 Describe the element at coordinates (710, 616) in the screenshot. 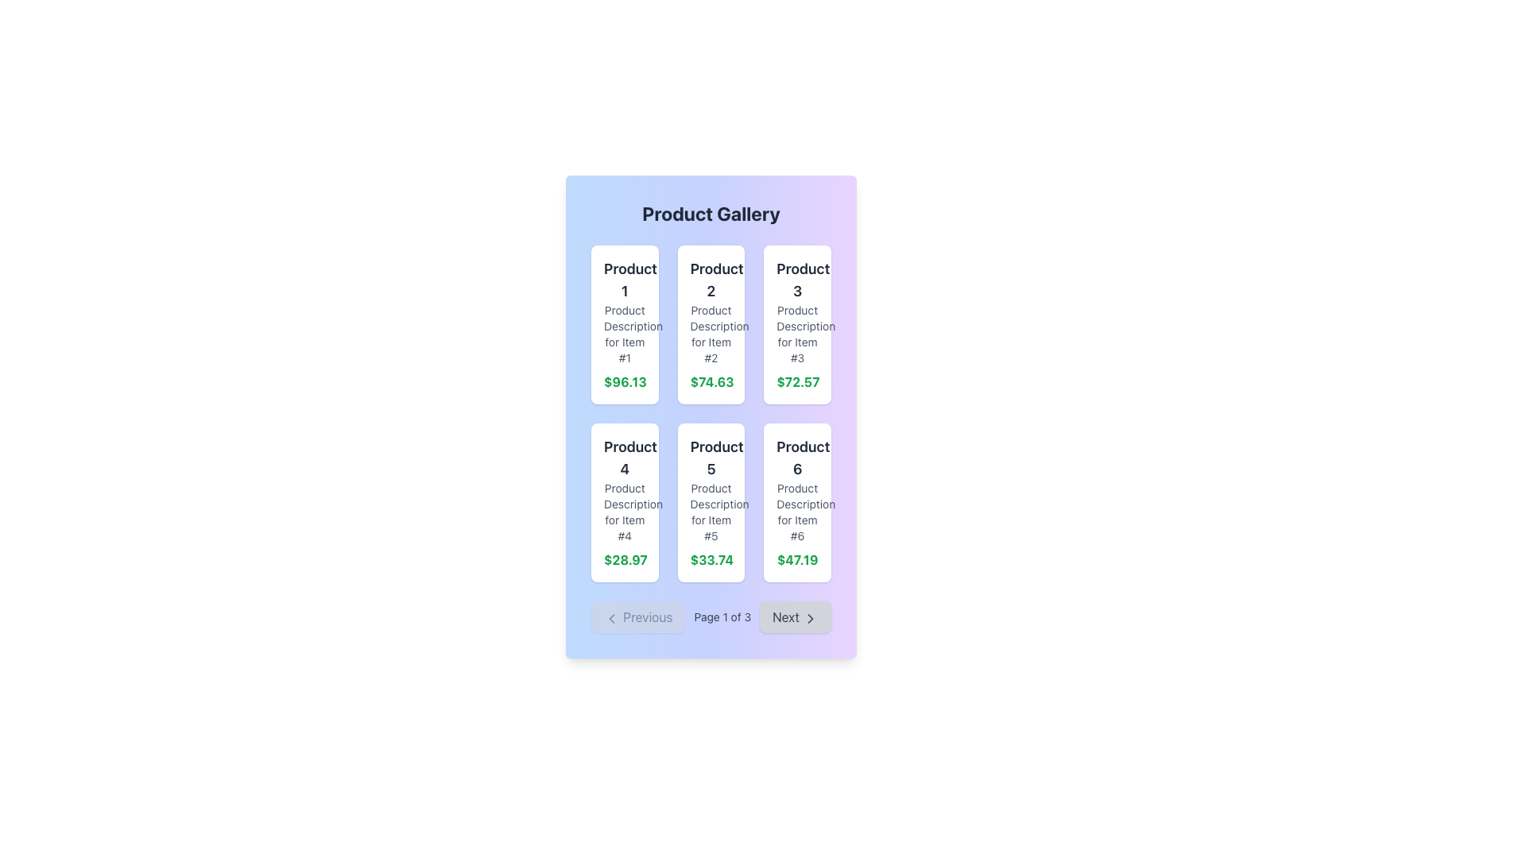

I see `current page number and total pages from the Pagination Bar located at the bottom of the product gallery` at that location.